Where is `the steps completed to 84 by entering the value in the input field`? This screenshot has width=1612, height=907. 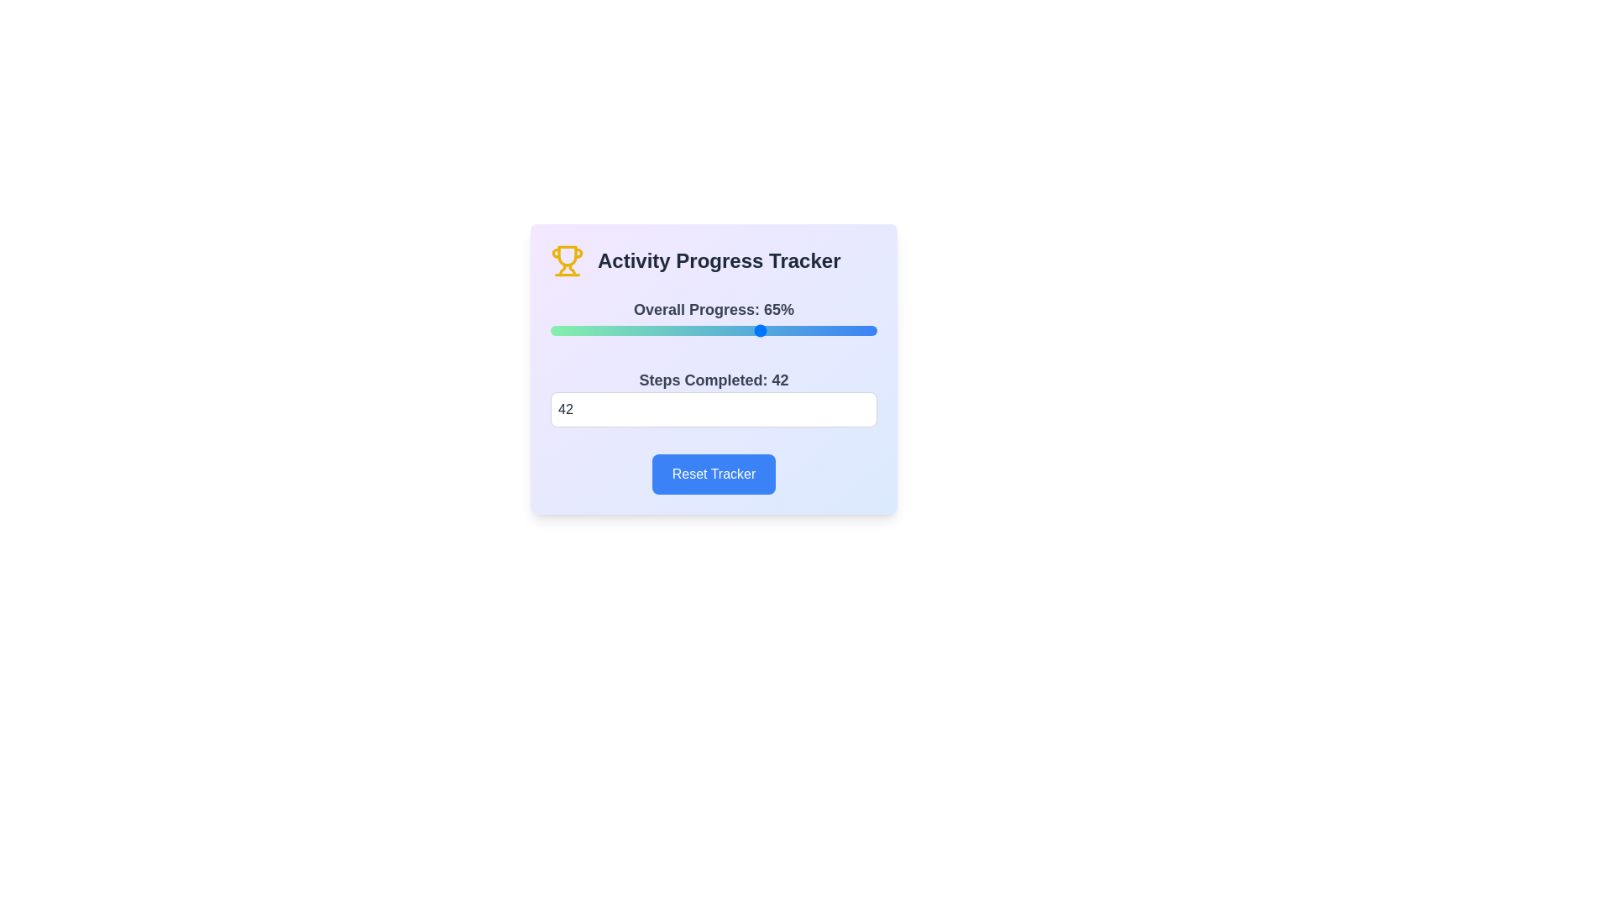
the steps completed to 84 by entering the value in the input field is located at coordinates (714, 410).